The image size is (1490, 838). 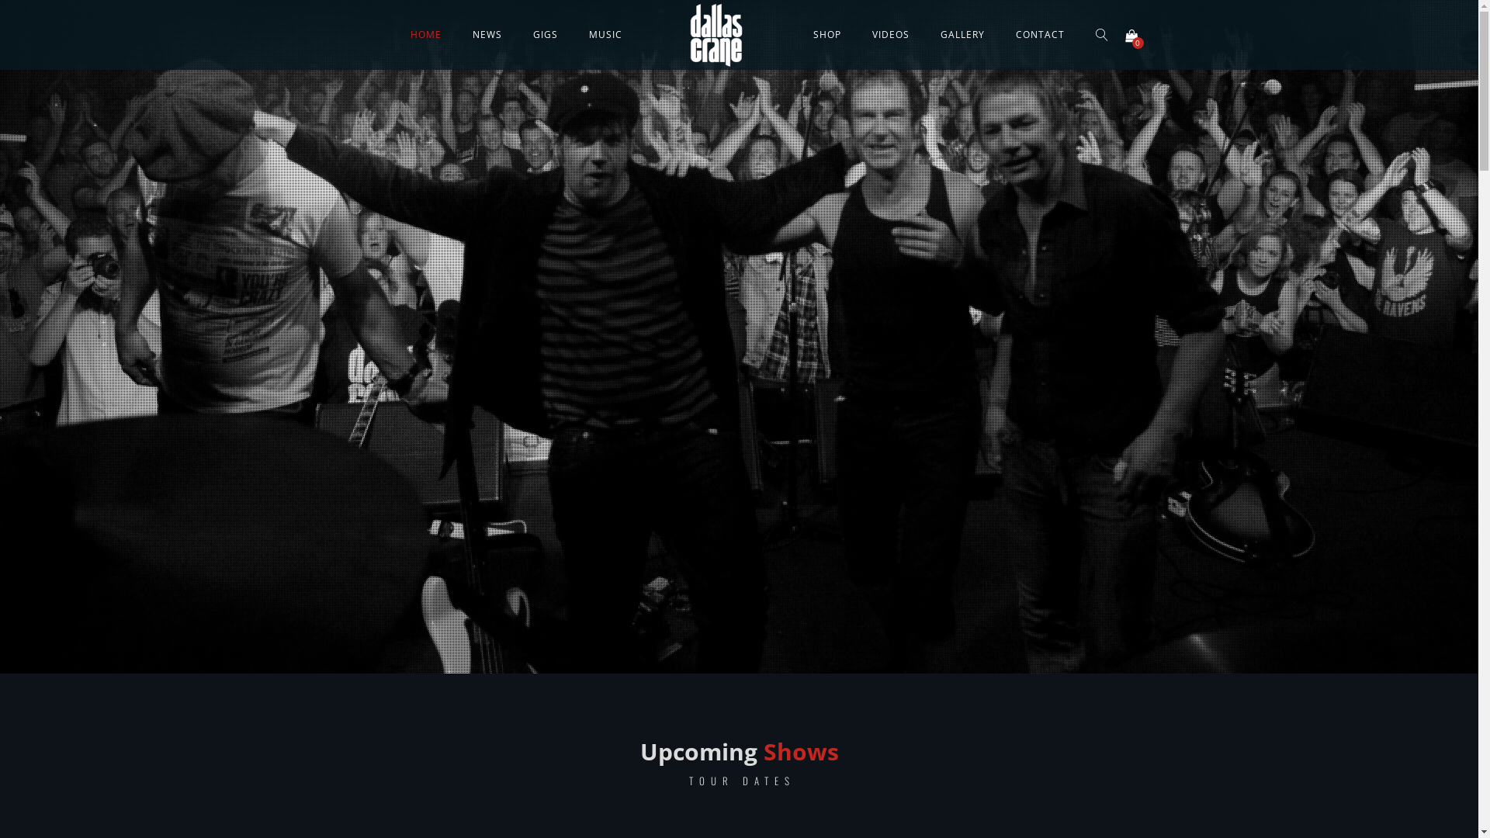 What do you see at coordinates (799, 34) in the screenshot?
I see `'SHOP'` at bounding box center [799, 34].